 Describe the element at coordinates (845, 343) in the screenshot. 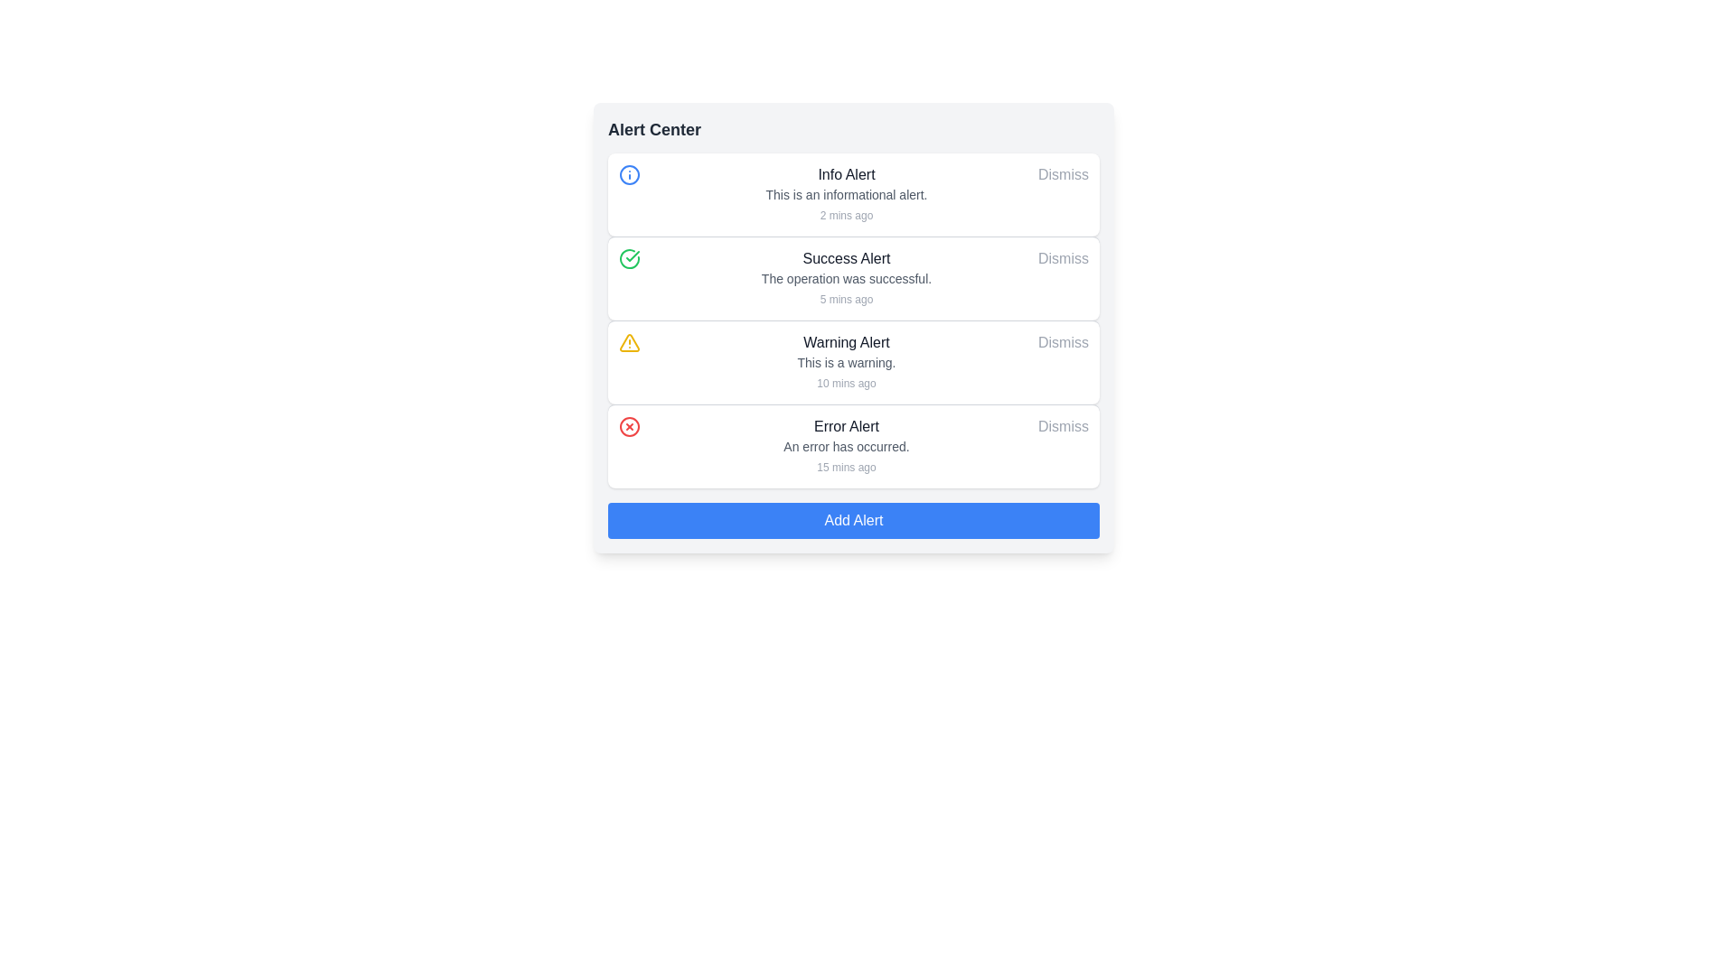

I see `the 'Warning Alert' text label, which is displayed in bold black text as the main title of the notification in the alert center interface` at that location.